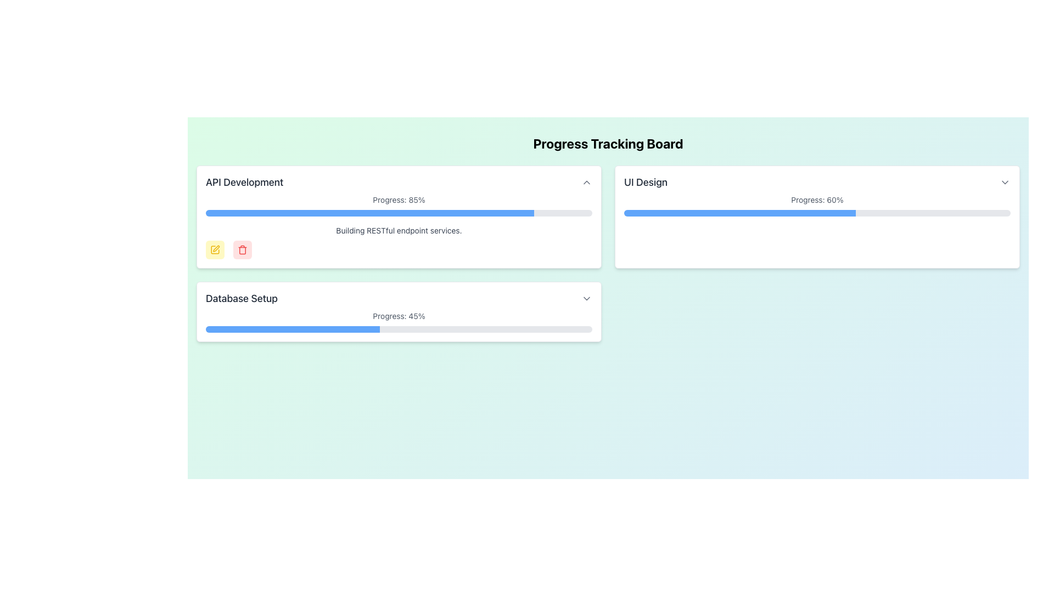 The width and height of the screenshot is (1054, 592). I want to click on the text label that reads 'Progress: 85%' located within the 'API Development' card, positioned at the top center above the progress bar, so click(398, 200).